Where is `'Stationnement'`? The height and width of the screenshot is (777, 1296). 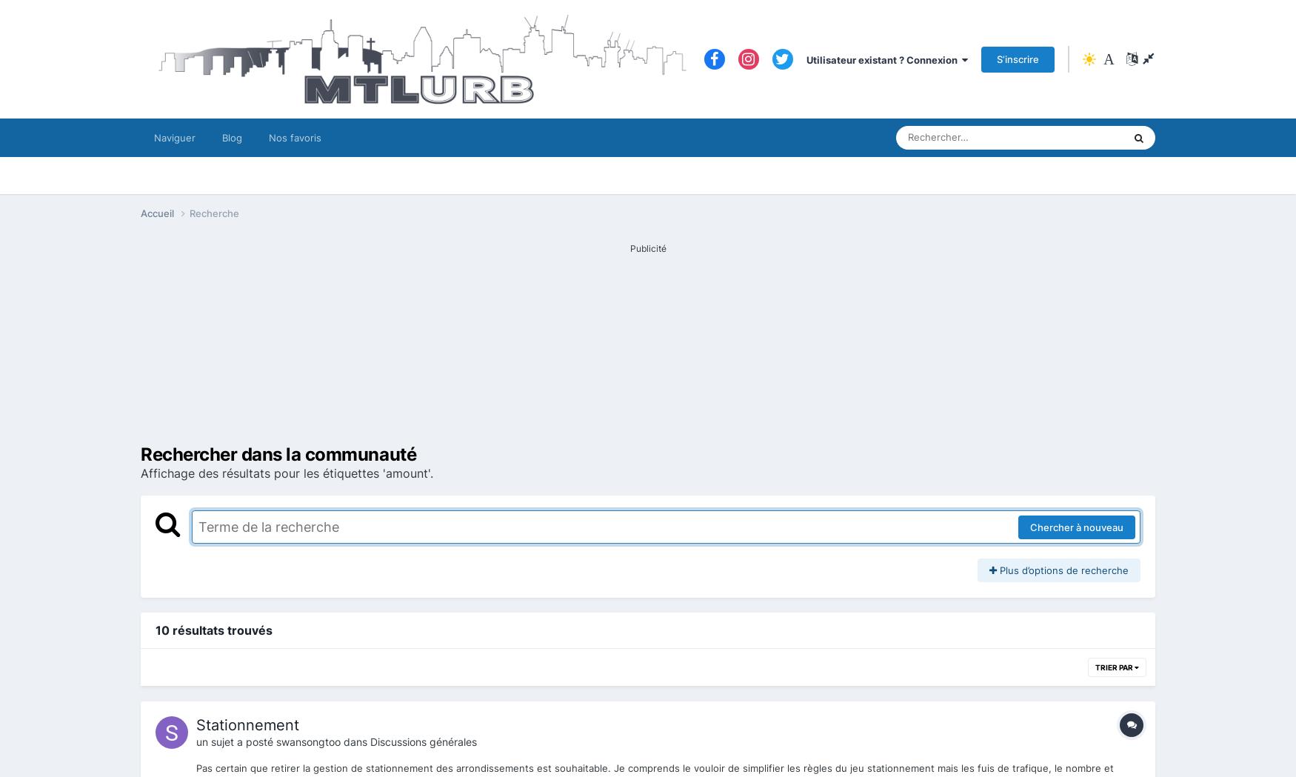
'Stationnement' is located at coordinates (247, 723).